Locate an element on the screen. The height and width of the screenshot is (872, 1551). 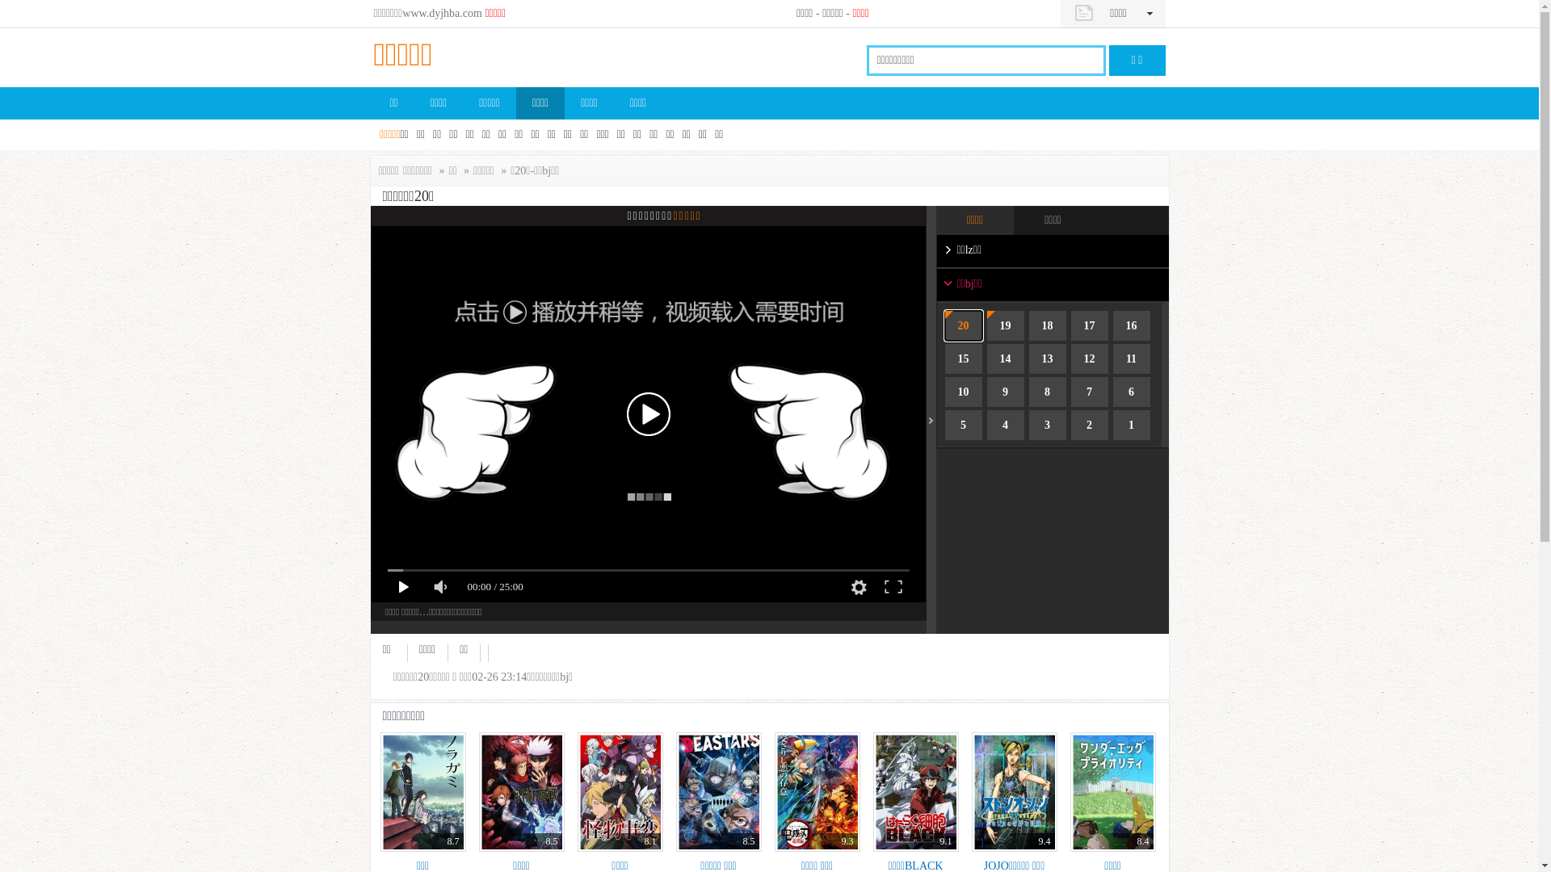
'2' is located at coordinates (1089, 424).